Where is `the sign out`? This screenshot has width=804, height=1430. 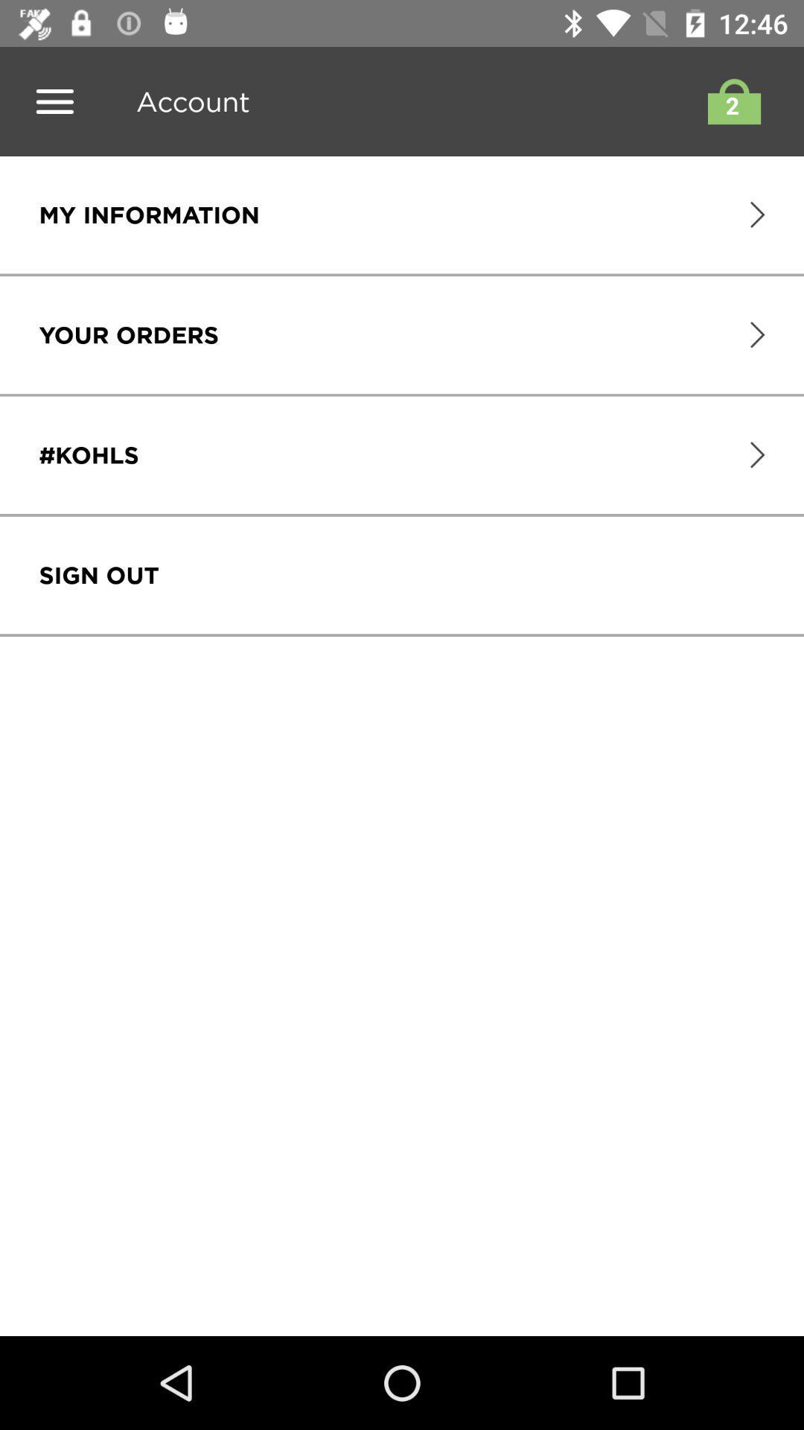
the sign out is located at coordinates (99, 574).